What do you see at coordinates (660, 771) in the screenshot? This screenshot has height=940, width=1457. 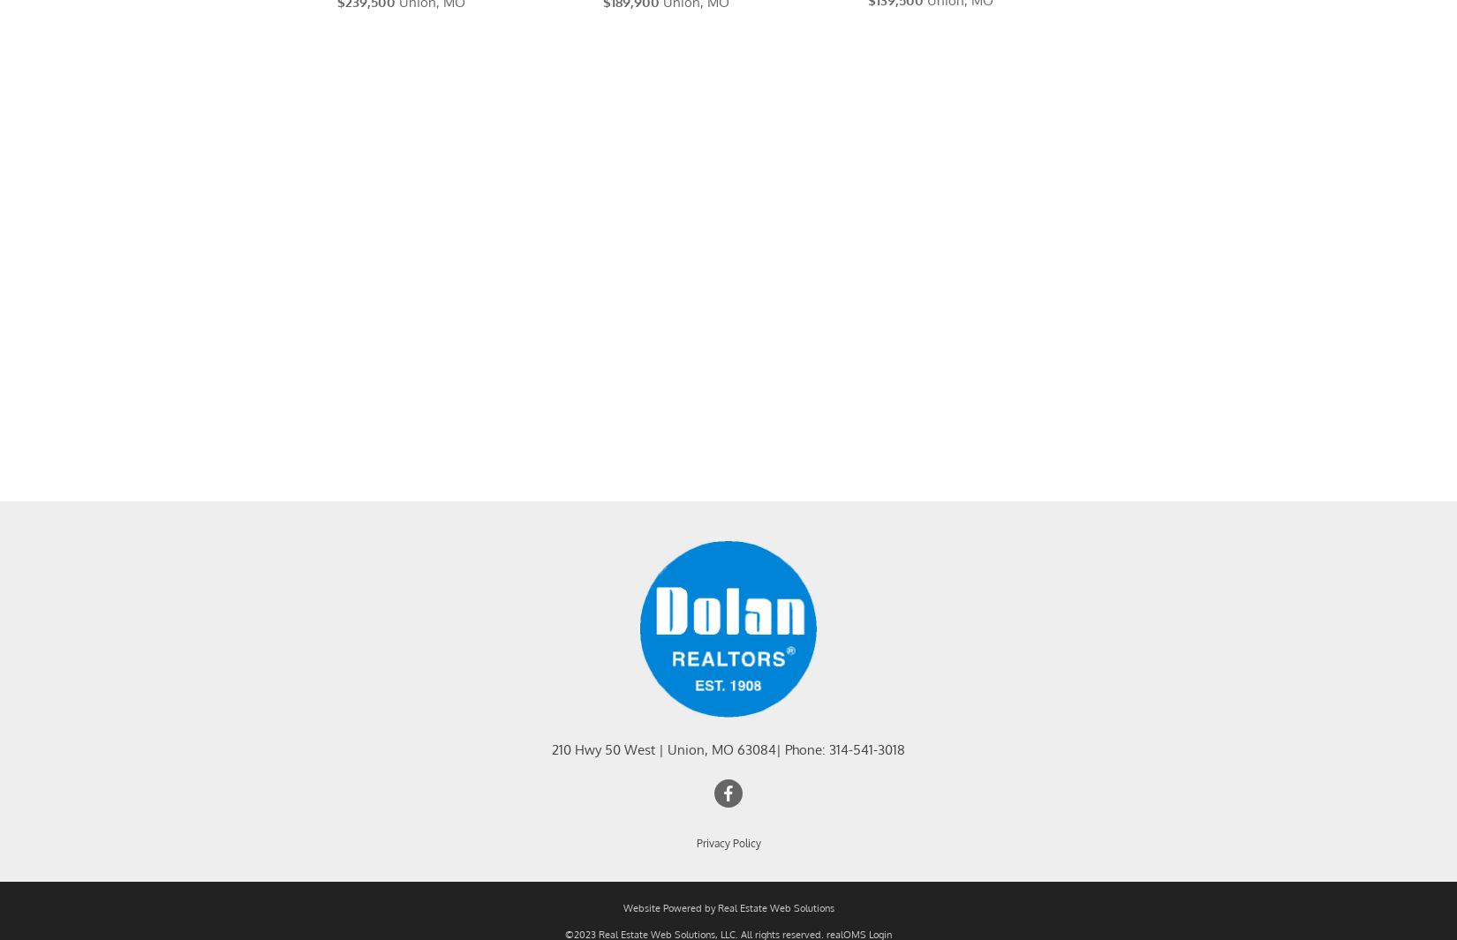 I see `'|'` at bounding box center [660, 771].